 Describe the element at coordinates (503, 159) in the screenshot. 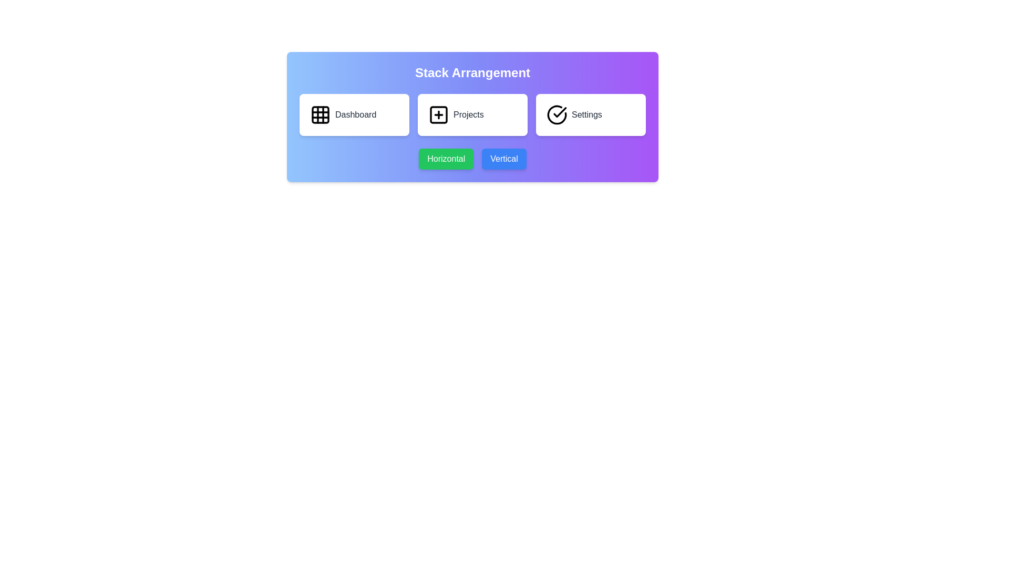

I see `the second button that toggles the 'Vertical' stack arrangement option` at that location.